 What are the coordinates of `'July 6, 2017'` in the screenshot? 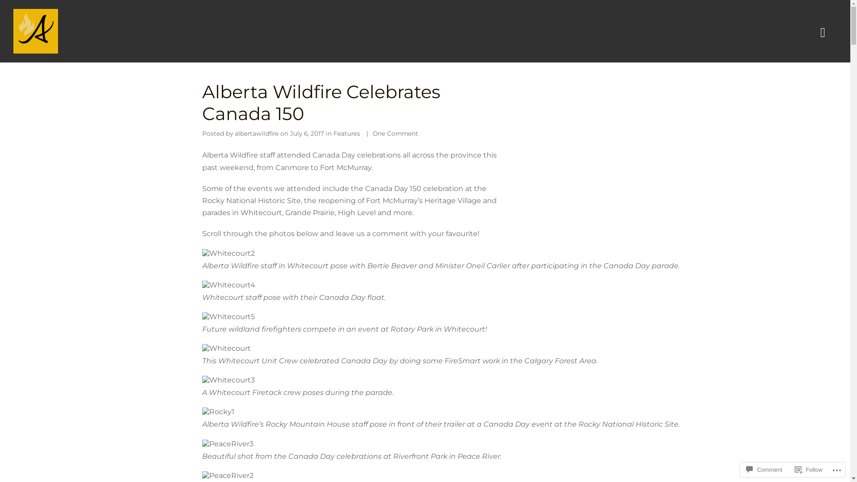 It's located at (307, 133).